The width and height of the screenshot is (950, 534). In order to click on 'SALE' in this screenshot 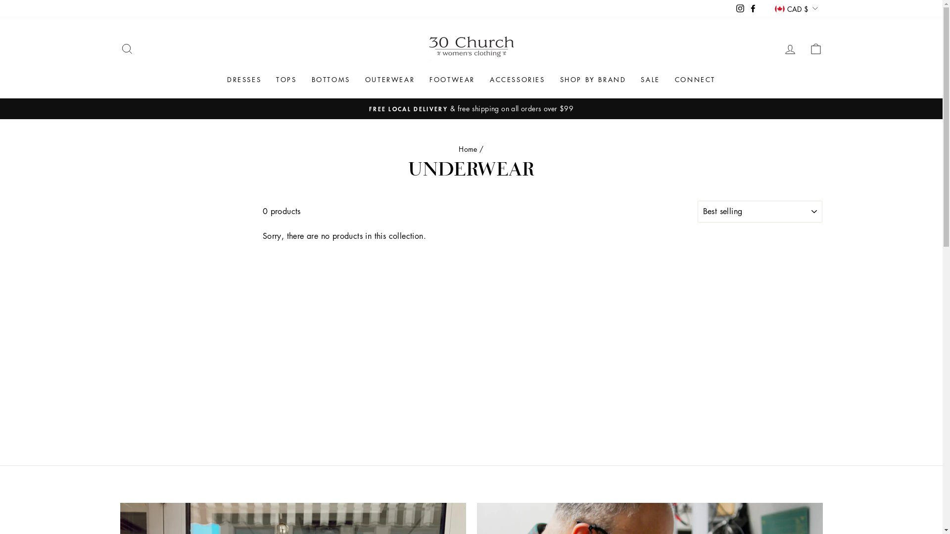, I will do `click(650, 80)`.